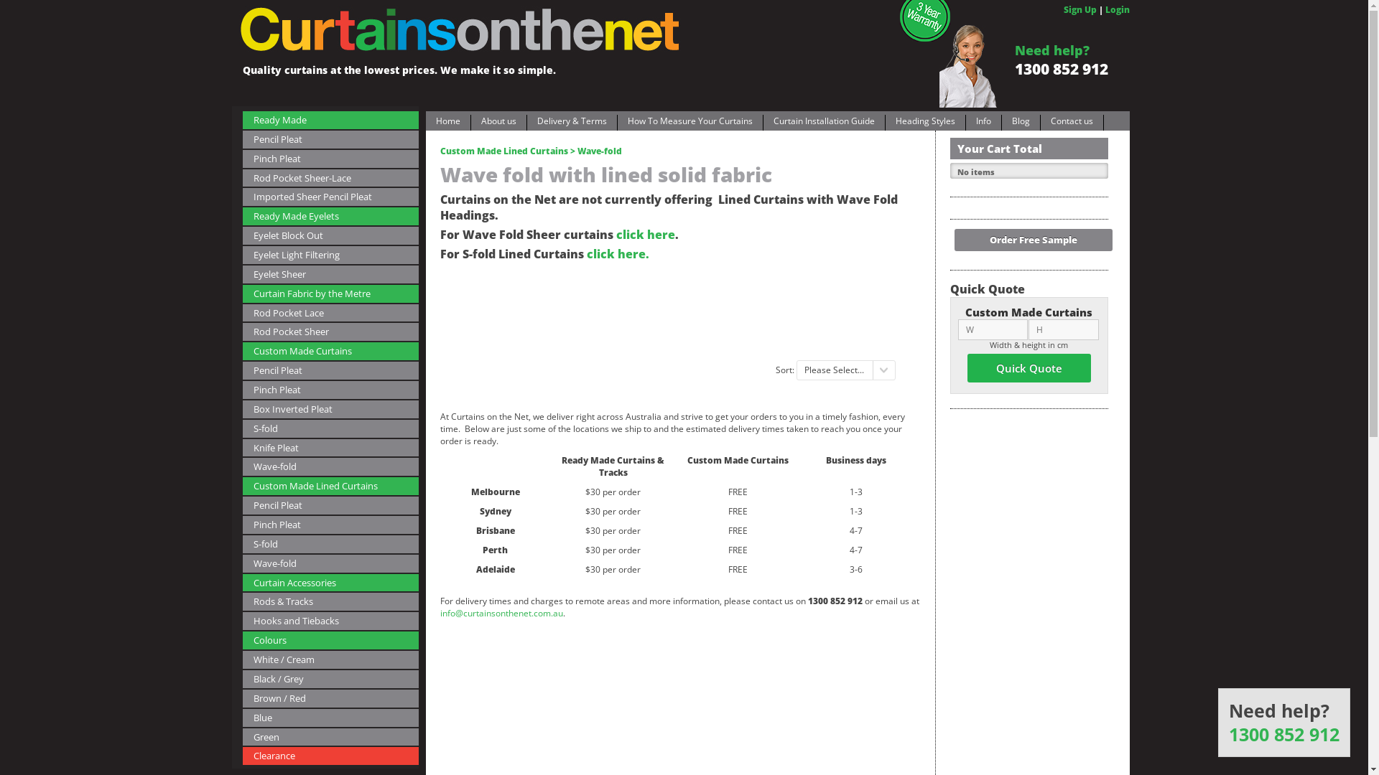 The width and height of the screenshot is (1379, 775). What do you see at coordinates (447, 121) in the screenshot?
I see `'Home'` at bounding box center [447, 121].